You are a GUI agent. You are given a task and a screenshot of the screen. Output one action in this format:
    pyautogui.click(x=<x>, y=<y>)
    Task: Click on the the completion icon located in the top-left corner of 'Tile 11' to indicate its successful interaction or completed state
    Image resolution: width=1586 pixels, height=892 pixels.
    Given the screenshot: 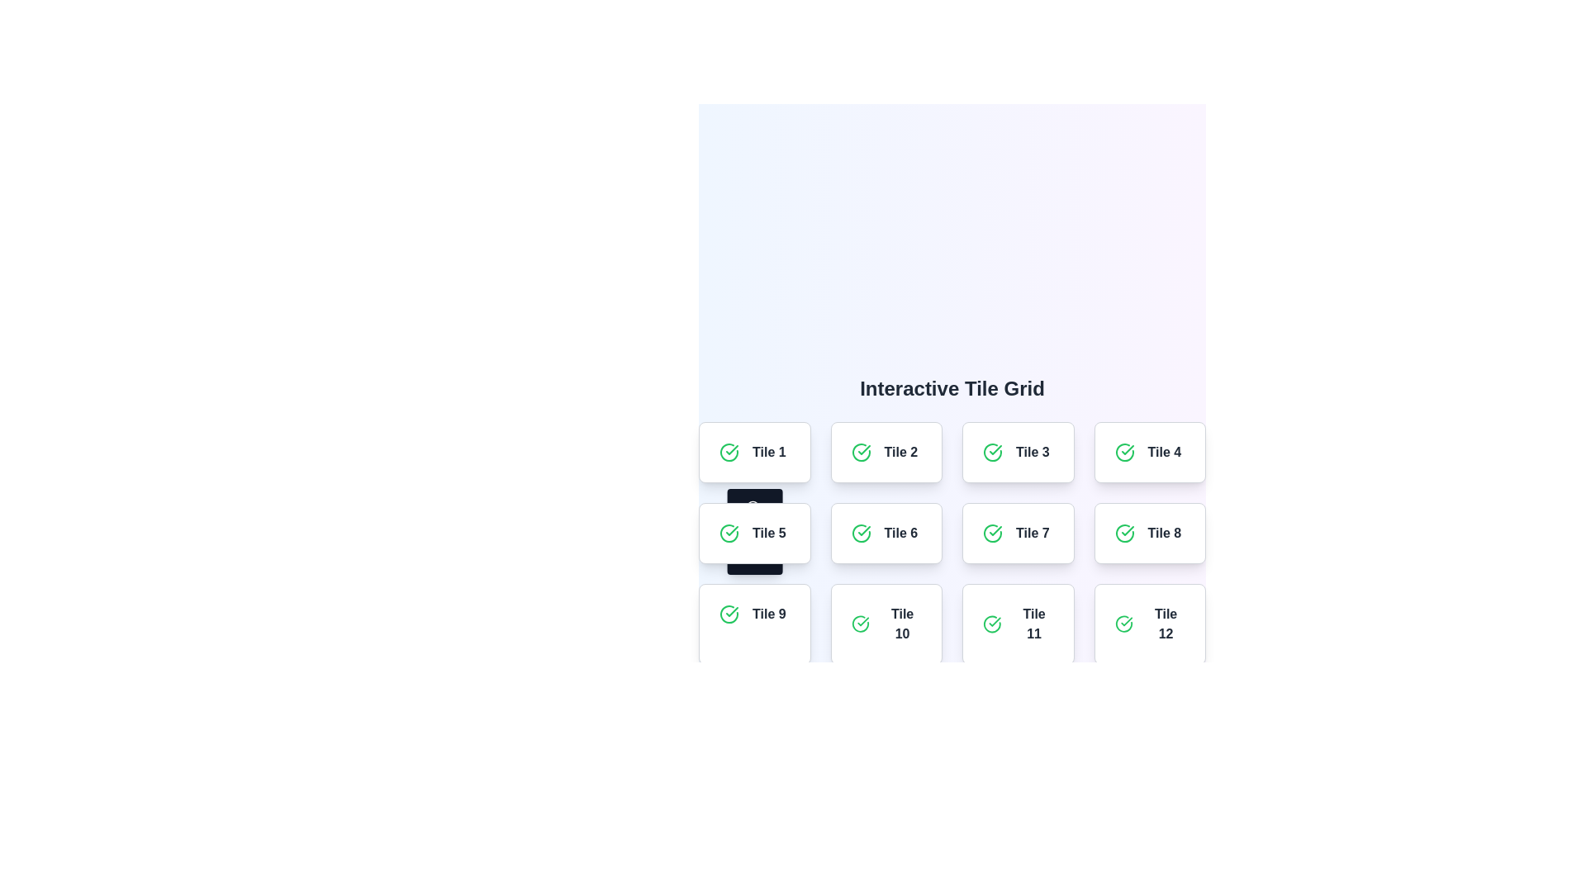 What is the action you would take?
    pyautogui.click(x=991, y=624)
    